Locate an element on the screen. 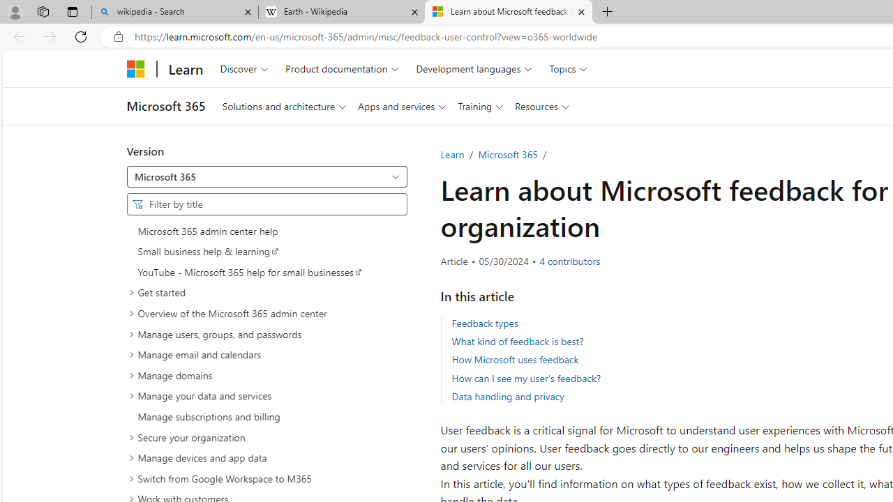 The image size is (893, 502). 'What kind of feedback is best?' is located at coordinates (516, 341).